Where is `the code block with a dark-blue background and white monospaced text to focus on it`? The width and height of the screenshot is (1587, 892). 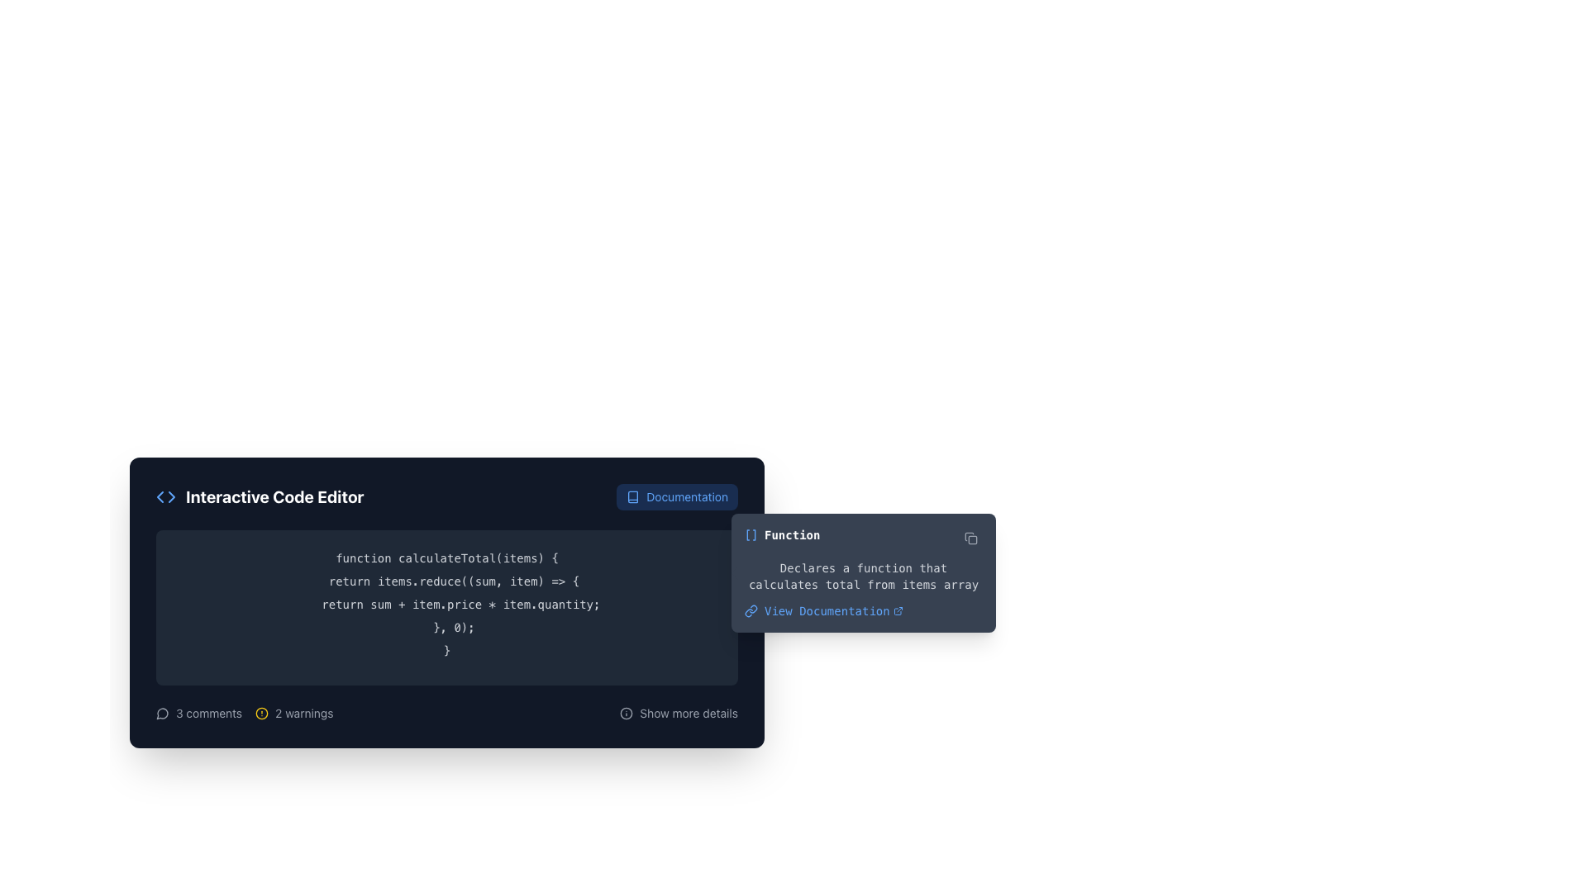 the code block with a dark-blue background and white monospaced text to focus on it is located at coordinates (447, 608).